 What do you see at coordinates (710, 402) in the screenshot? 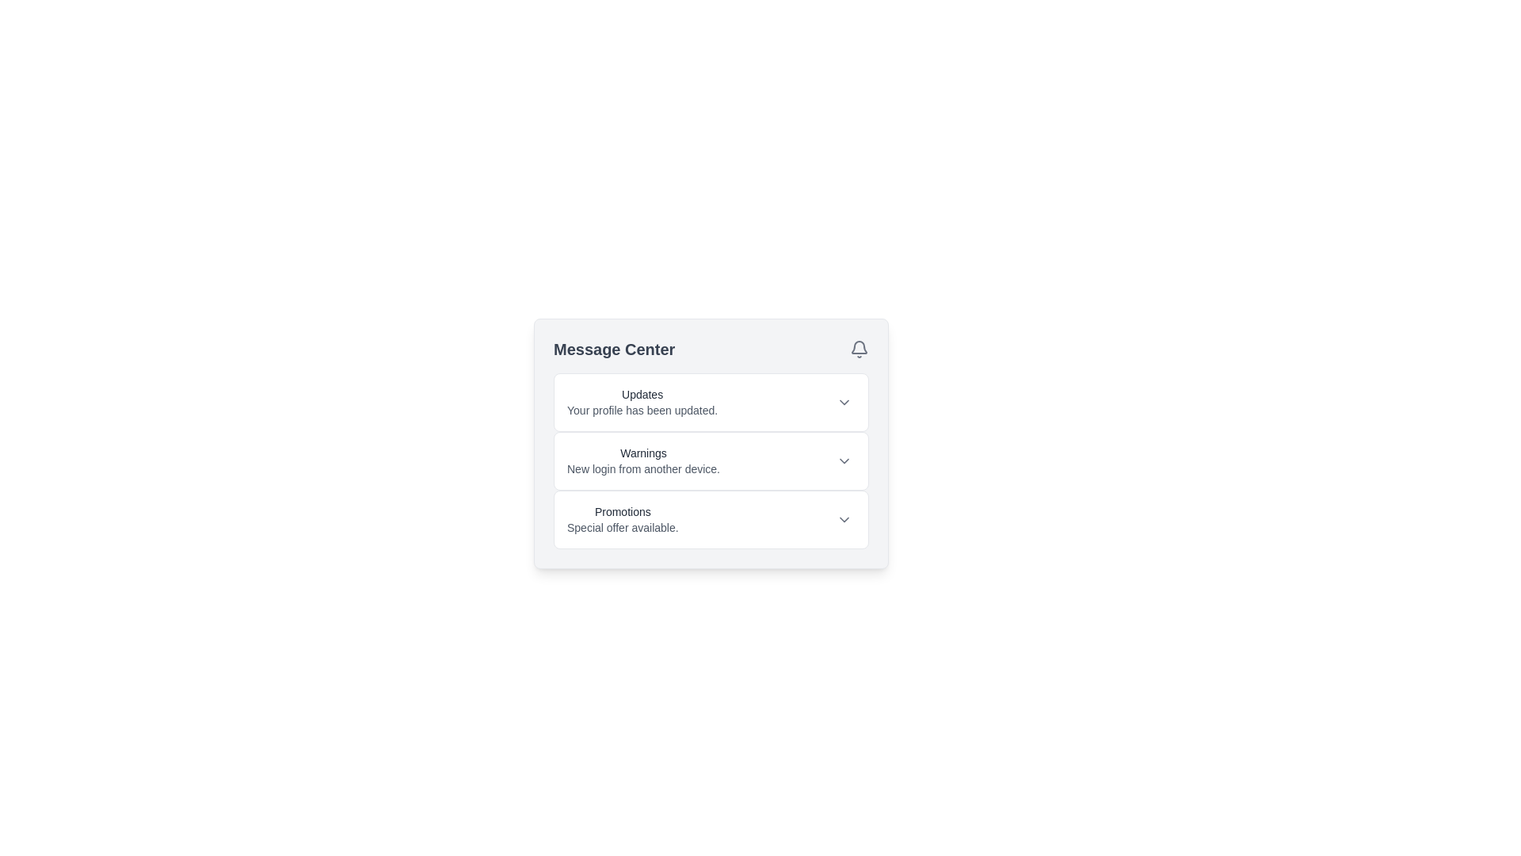
I see `notification message displayed in the Notification Block, which indicates that the user’s profile has been updated, located in the Message Center section` at bounding box center [710, 402].